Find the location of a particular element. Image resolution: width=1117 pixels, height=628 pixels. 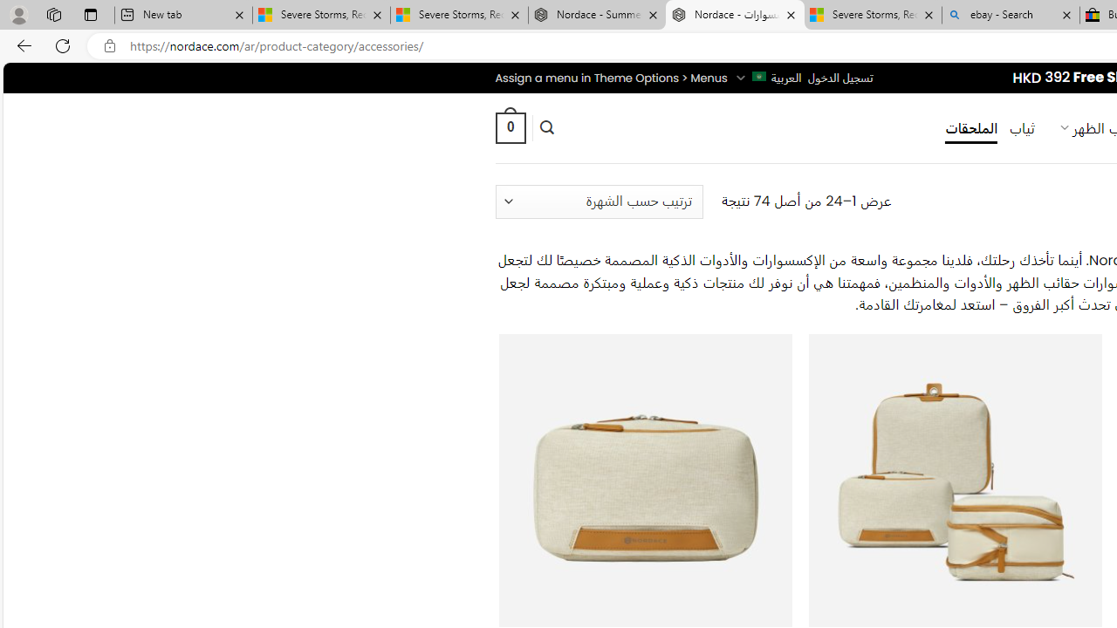

' 0 ' is located at coordinates (509, 126).